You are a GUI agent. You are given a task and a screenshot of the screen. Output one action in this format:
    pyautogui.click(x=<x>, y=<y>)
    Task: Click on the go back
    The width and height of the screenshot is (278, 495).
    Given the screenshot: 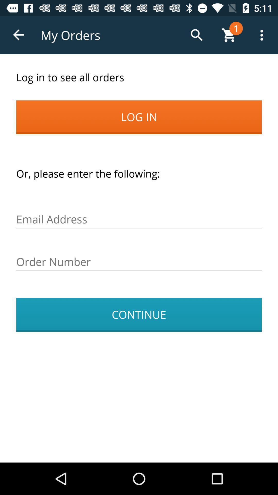 What is the action you would take?
    pyautogui.click(x=19, y=35)
    